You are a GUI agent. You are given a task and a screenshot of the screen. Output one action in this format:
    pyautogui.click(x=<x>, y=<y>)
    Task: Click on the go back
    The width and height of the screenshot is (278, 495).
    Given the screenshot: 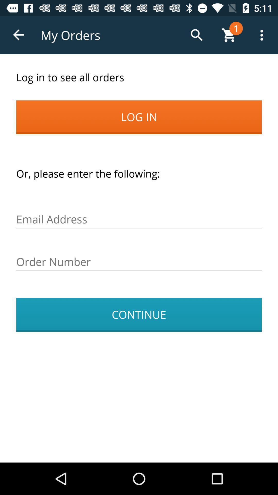 What is the action you would take?
    pyautogui.click(x=19, y=35)
    